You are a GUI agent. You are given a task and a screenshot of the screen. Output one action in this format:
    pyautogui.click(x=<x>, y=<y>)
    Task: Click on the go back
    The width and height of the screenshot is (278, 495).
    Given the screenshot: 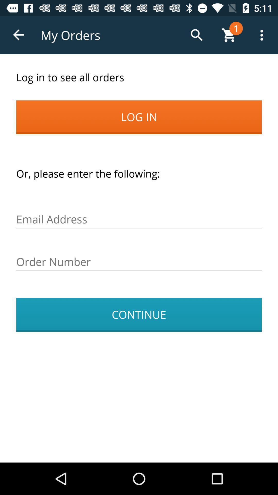 What is the action you would take?
    pyautogui.click(x=19, y=35)
    